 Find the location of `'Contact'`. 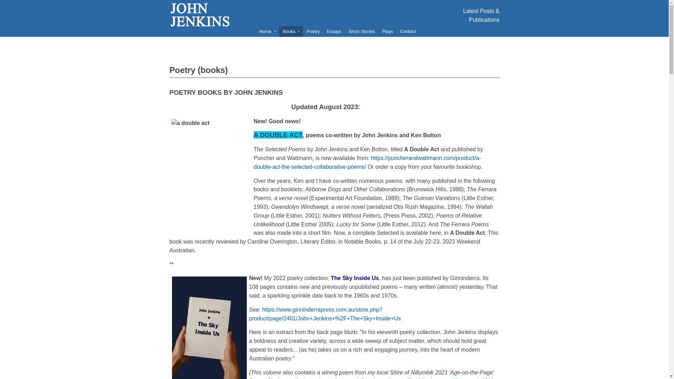

'Contact' is located at coordinates (408, 31).